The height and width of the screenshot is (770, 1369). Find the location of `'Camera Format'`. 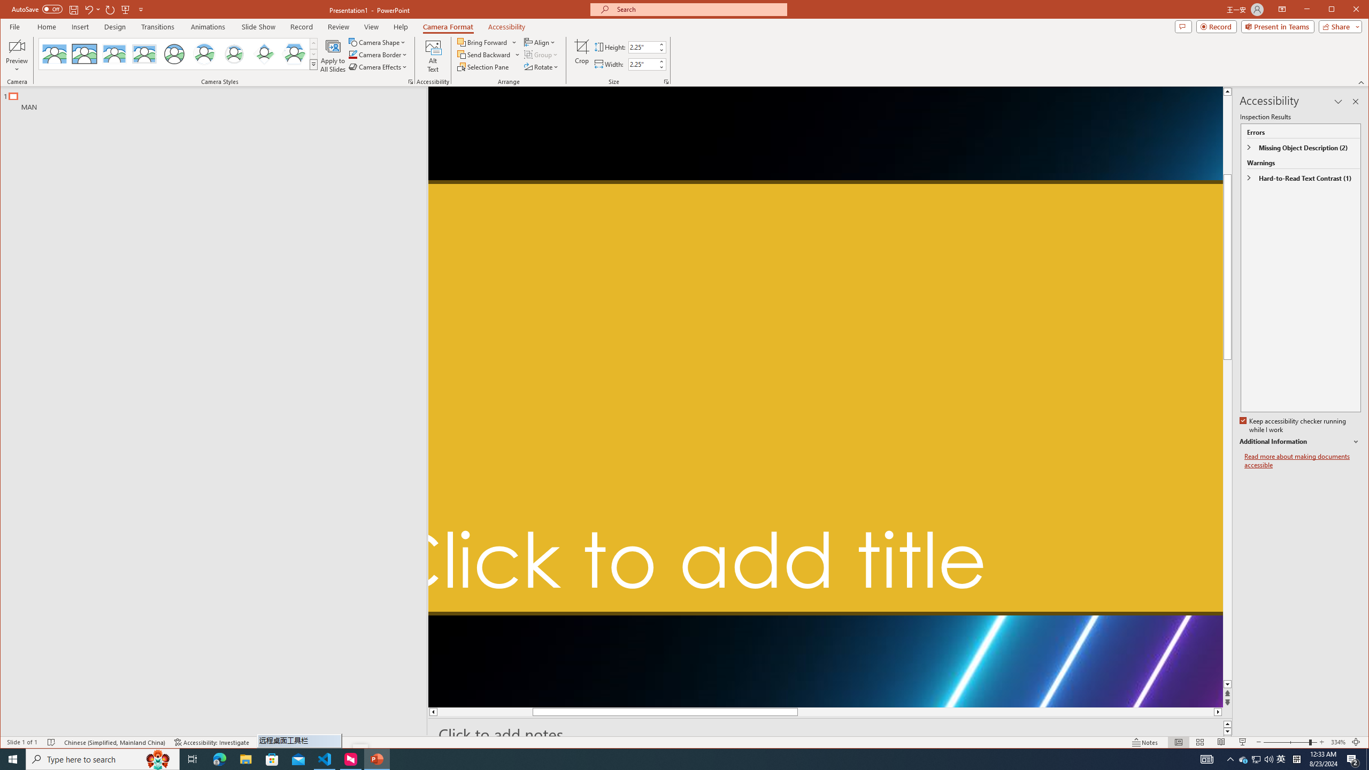

'Camera Format' is located at coordinates (448, 26).